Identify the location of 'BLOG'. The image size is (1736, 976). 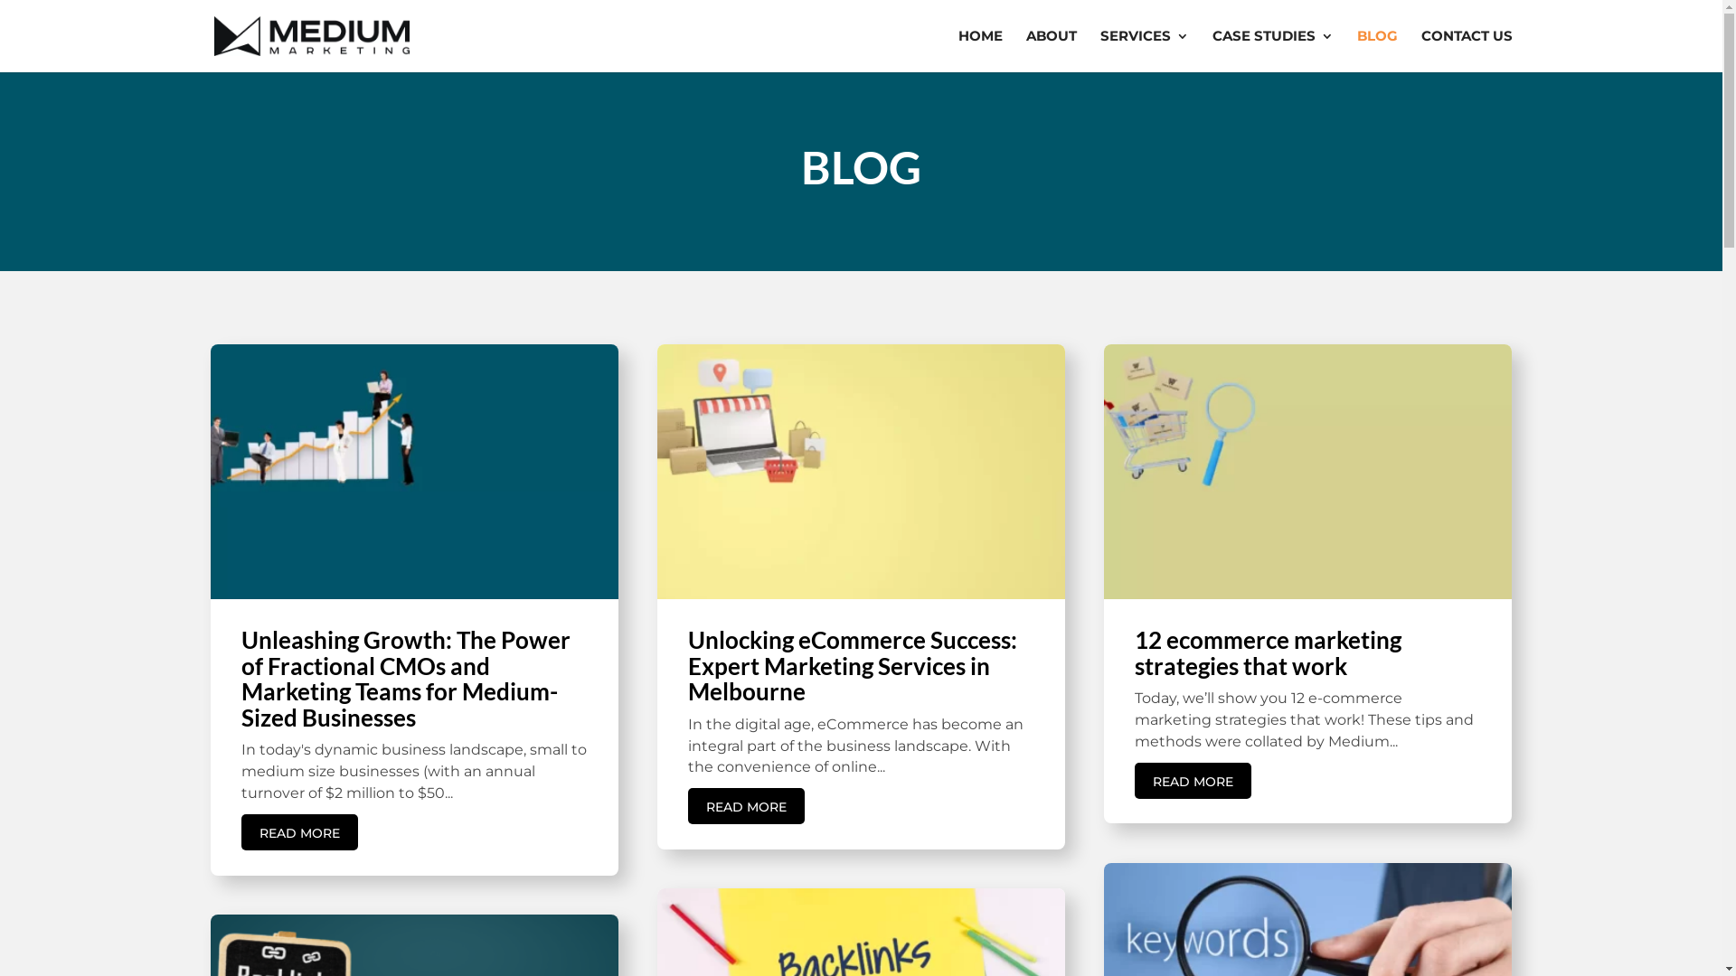
(1375, 50).